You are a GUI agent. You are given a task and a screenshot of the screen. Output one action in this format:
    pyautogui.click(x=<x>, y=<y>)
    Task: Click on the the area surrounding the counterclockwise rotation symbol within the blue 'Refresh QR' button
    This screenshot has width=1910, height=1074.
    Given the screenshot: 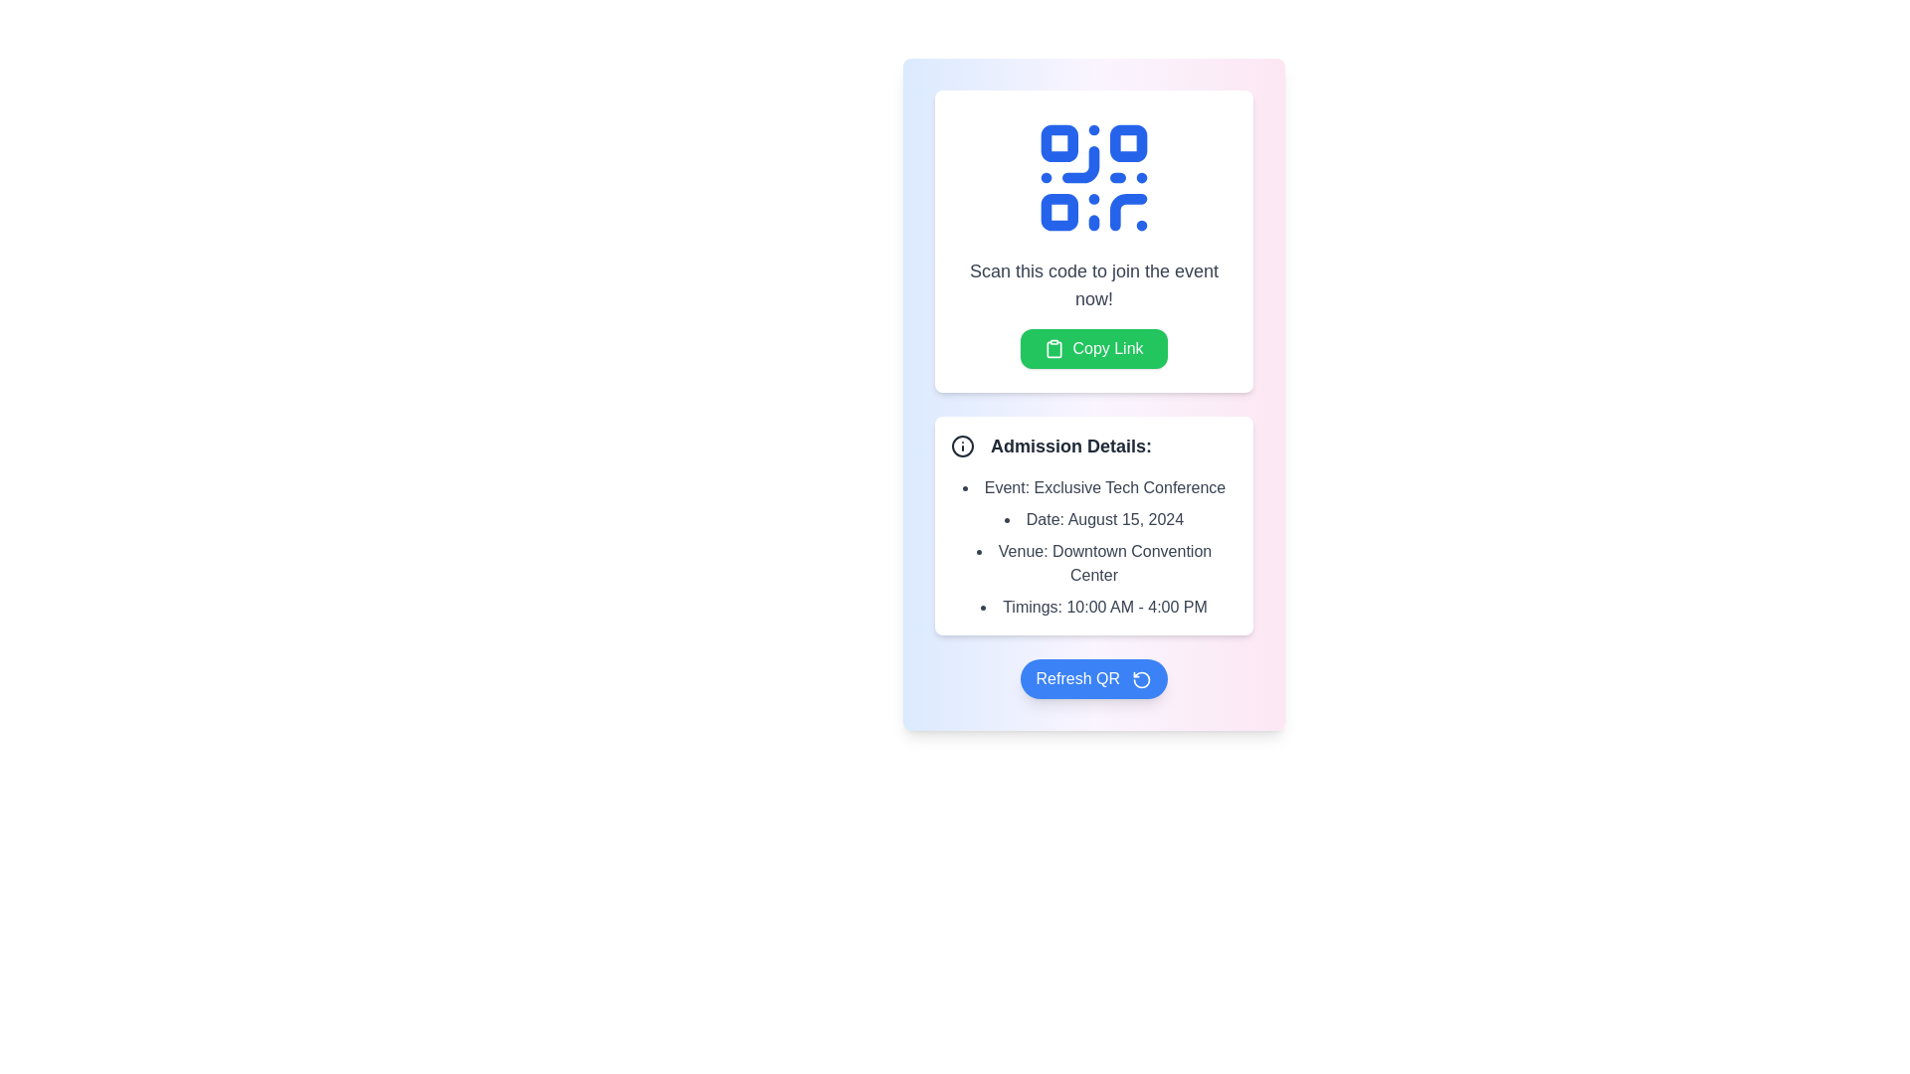 What is the action you would take?
    pyautogui.click(x=1142, y=678)
    